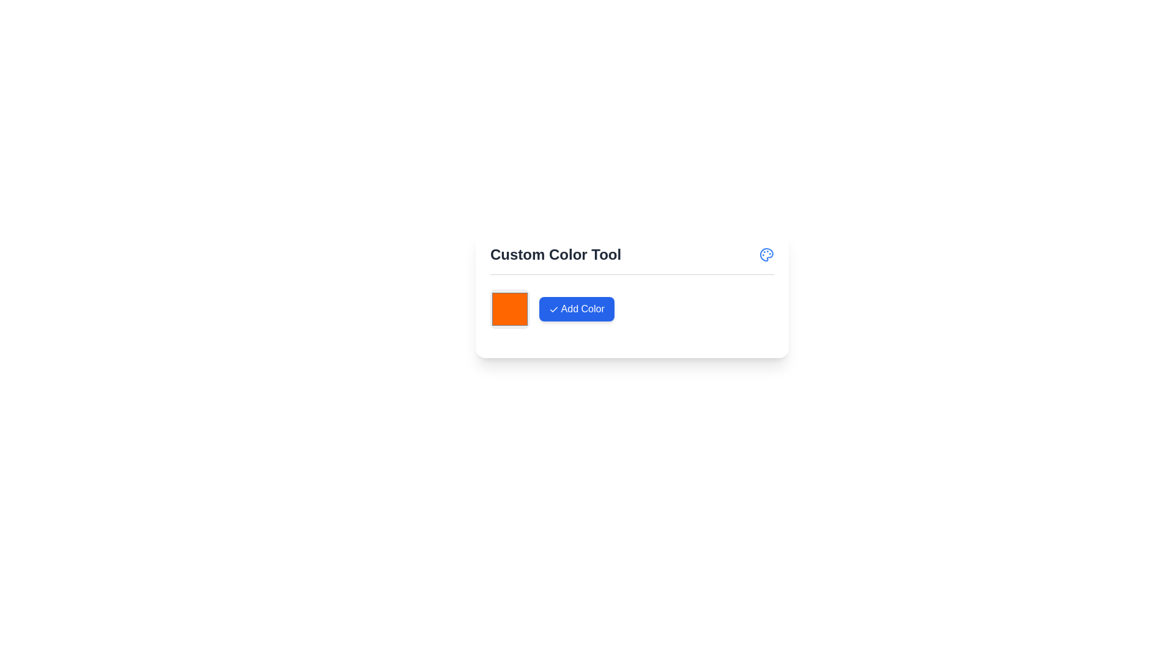  Describe the element at coordinates (632, 315) in the screenshot. I see `the confirm button located within the 'Custom Color Tool' section` at that location.